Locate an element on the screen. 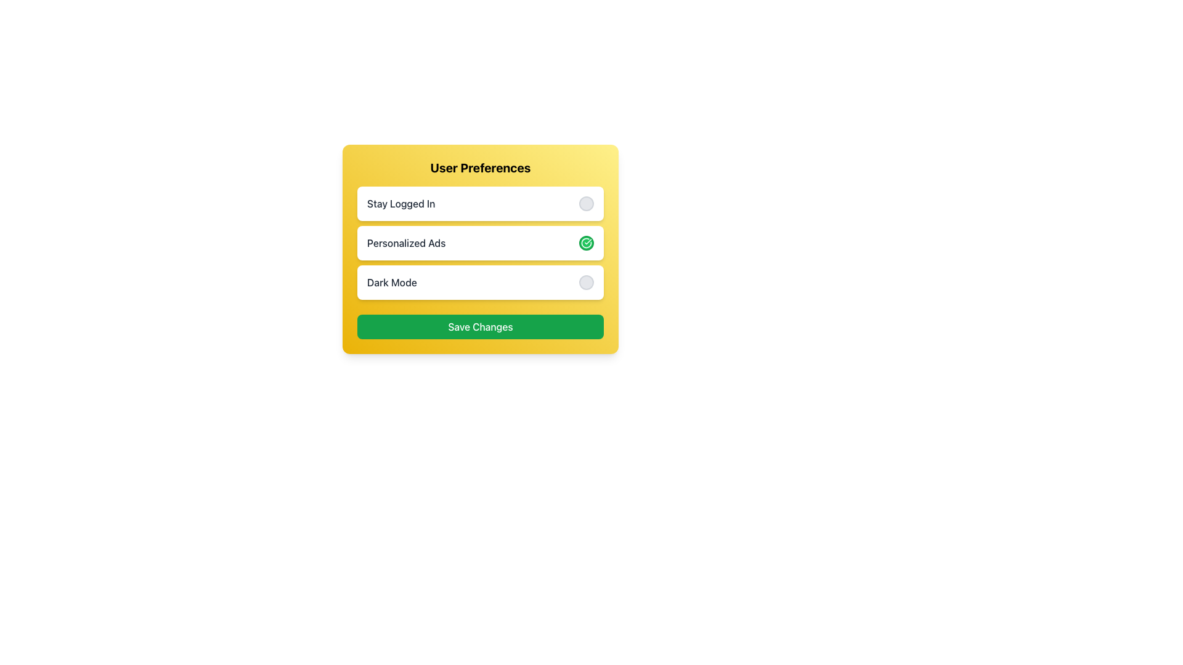  the toggle button for the 'Dark Mode' setting option, which is the third option in the settings group is located at coordinates (479, 283).